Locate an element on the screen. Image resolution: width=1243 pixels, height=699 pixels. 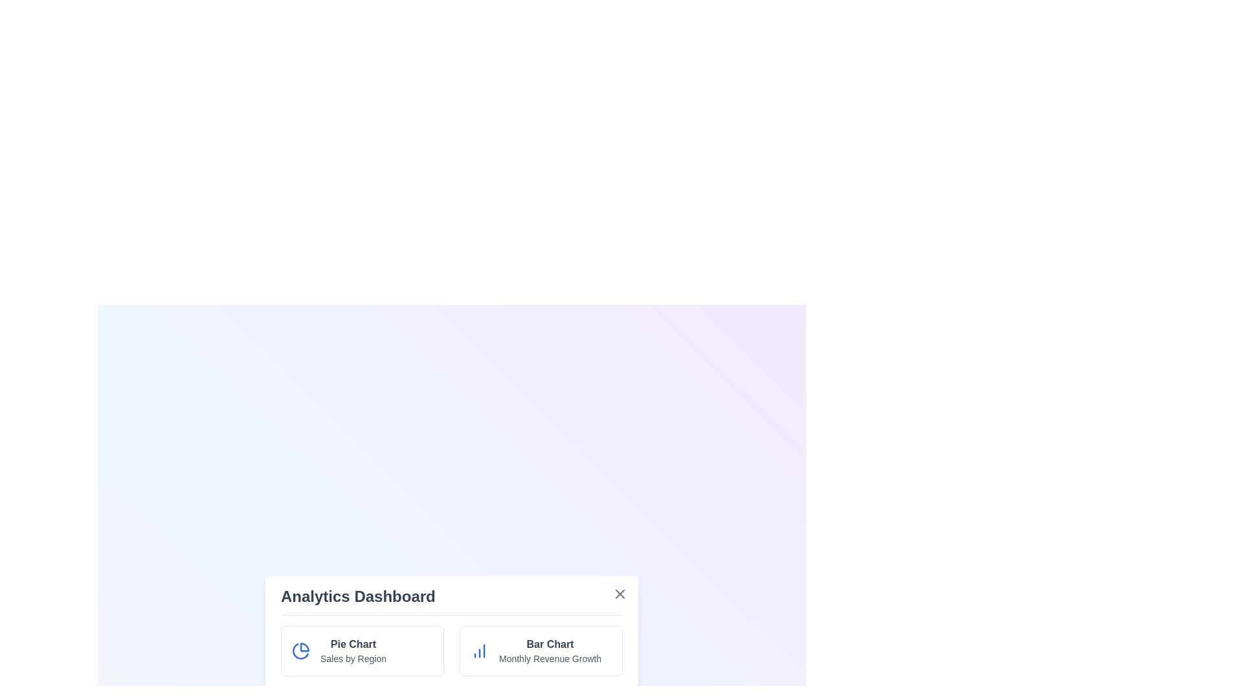
the Pie Chart section to interact with it is located at coordinates (363, 650).